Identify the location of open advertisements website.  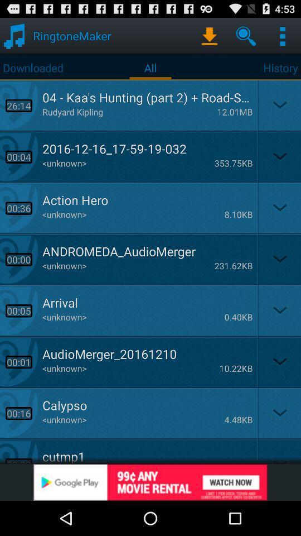
(151, 482).